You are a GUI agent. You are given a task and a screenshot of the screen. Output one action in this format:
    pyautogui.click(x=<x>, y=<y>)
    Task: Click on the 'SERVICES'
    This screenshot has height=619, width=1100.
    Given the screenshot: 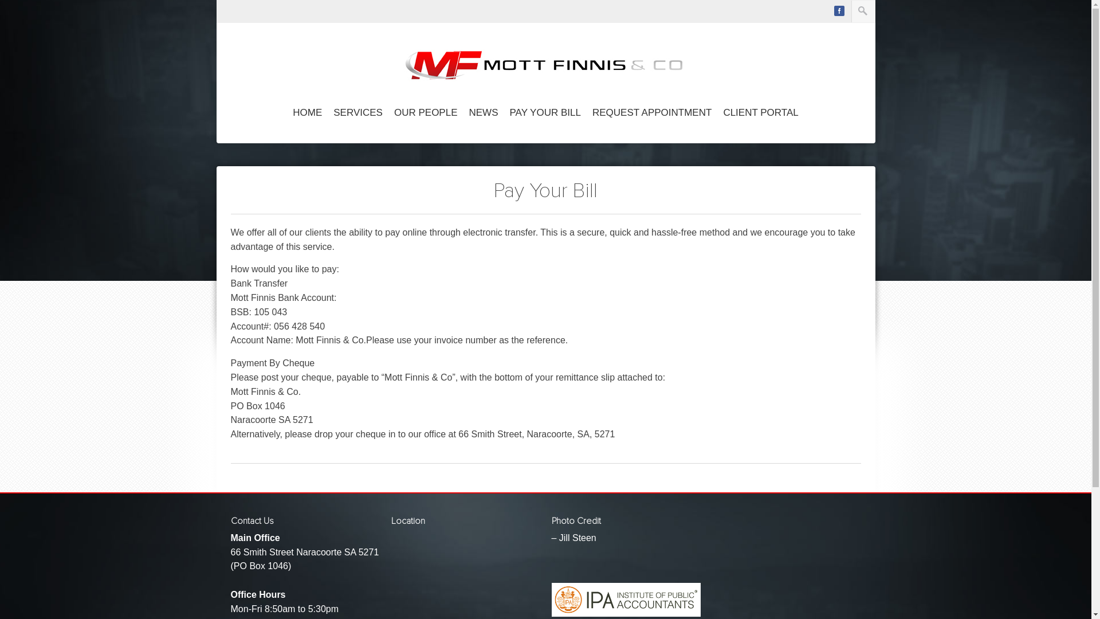 What is the action you would take?
    pyautogui.click(x=357, y=113)
    